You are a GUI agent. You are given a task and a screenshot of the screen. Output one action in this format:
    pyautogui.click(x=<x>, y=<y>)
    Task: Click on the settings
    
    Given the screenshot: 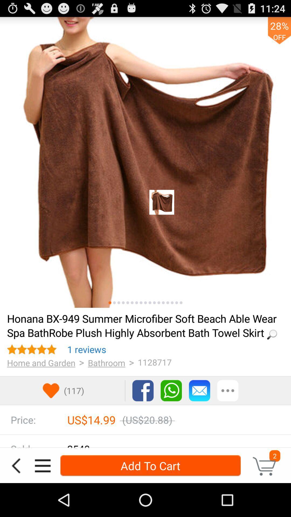 What is the action you would take?
    pyautogui.click(x=228, y=390)
    